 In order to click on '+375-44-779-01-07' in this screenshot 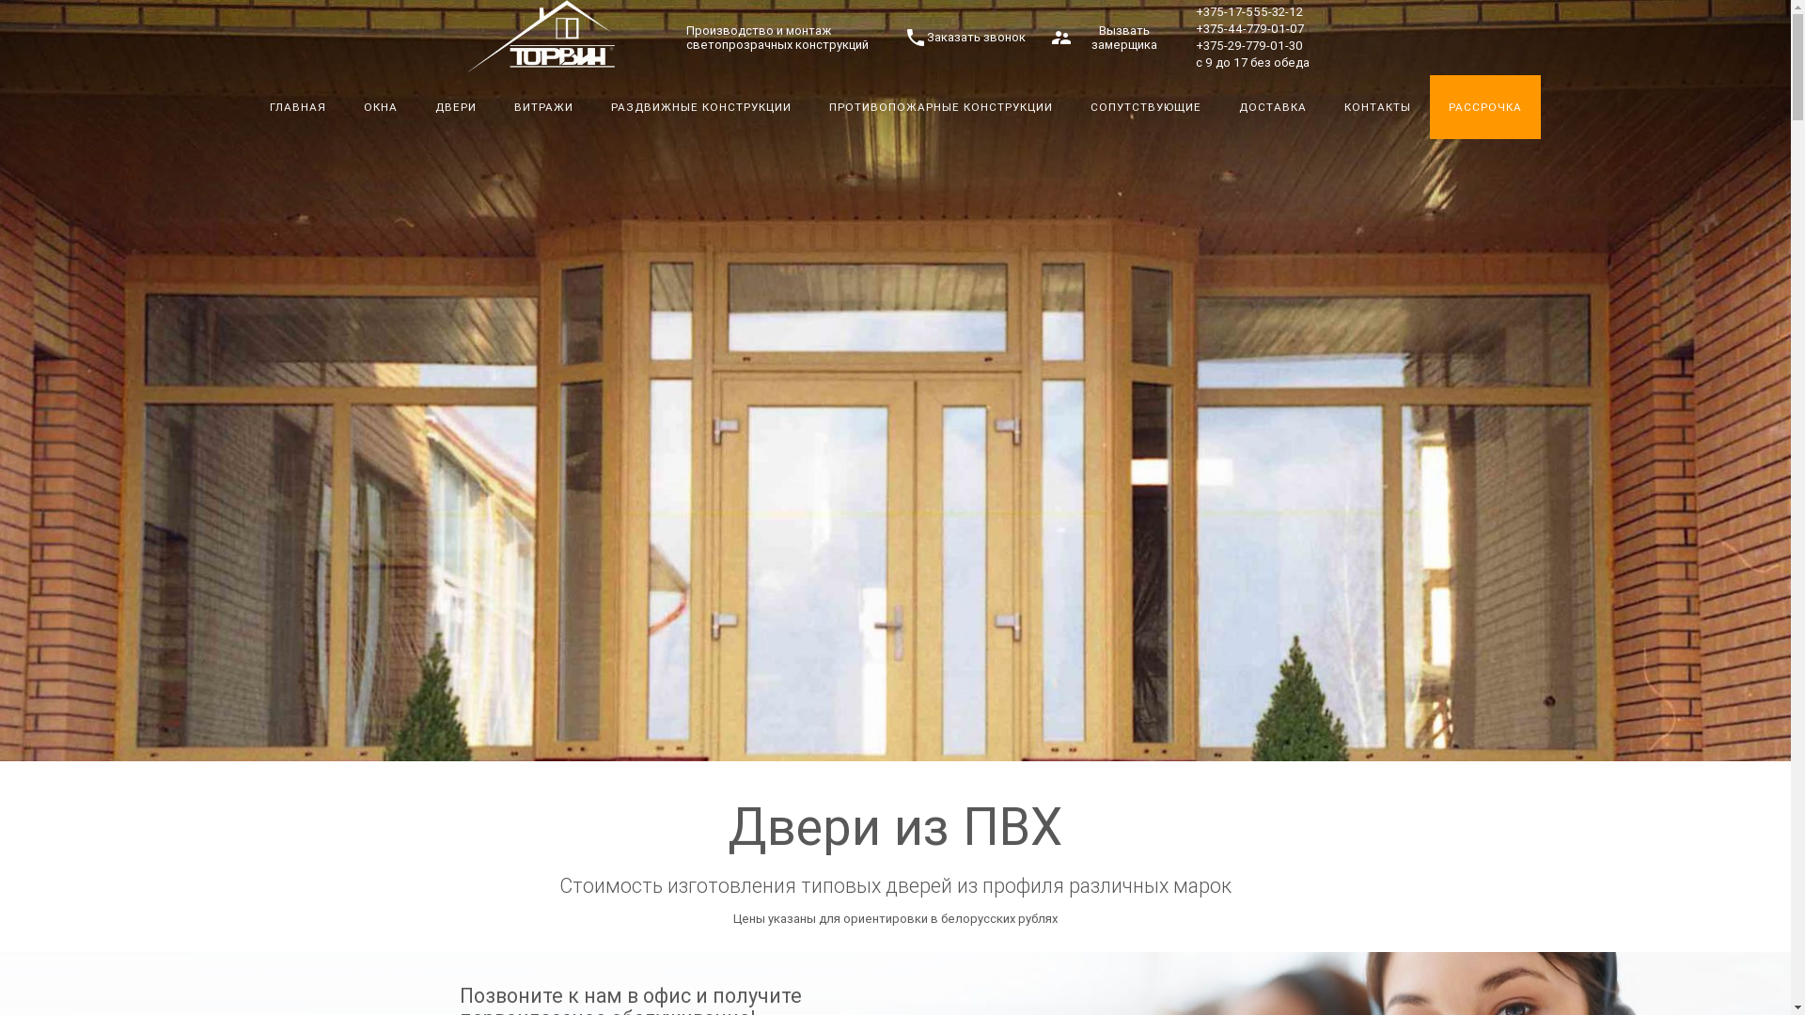, I will do `click(1249, 28)`.